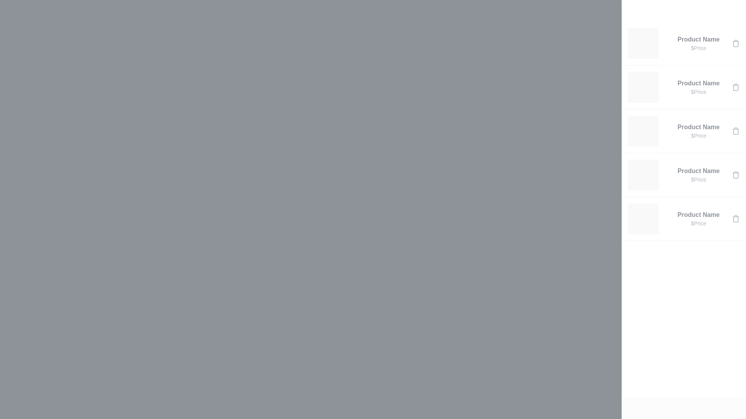  What do you see at coordinates (643, 43) in the screenshot?
I see `the gray square image placeholder located at the top-left corner of a product item in the listing` at bounding box center [643, 43].